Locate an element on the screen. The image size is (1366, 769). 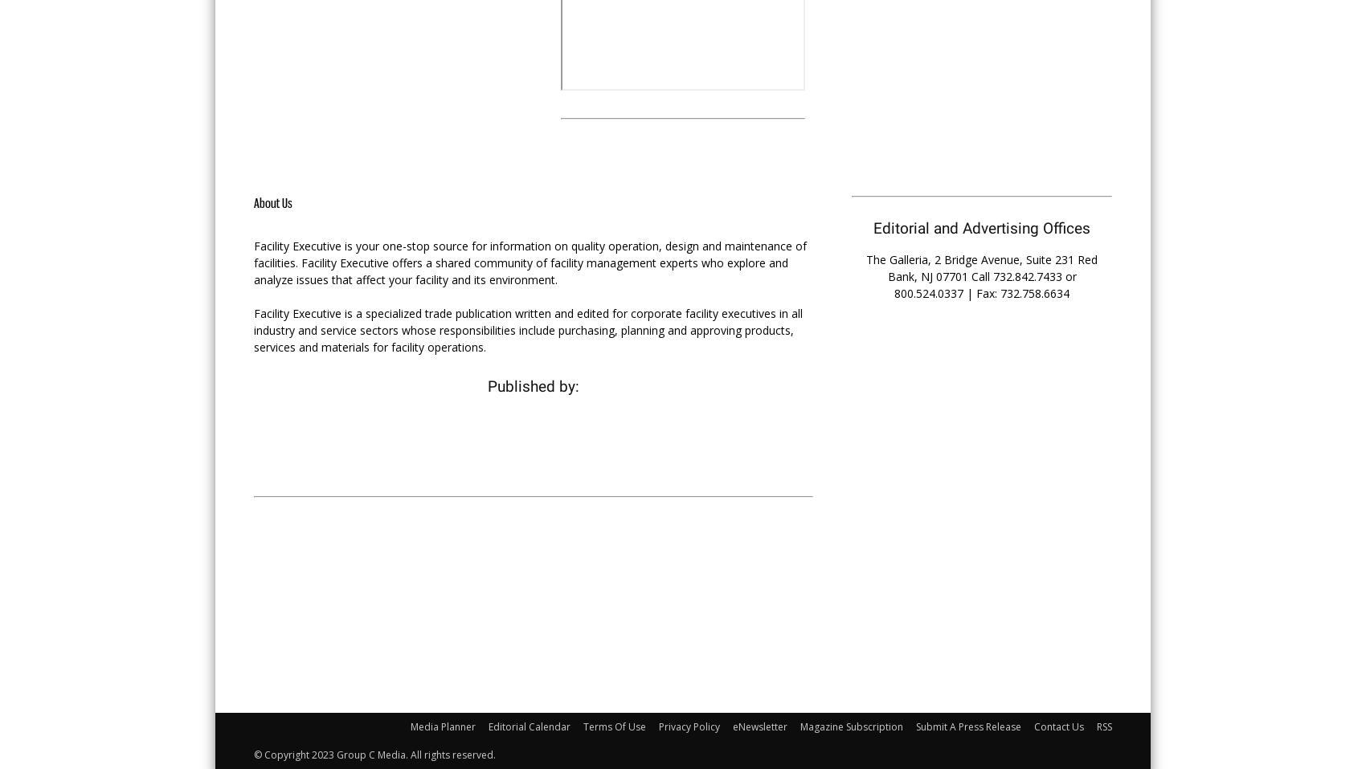
'| Fax:' is located at coordinates (980, 291).